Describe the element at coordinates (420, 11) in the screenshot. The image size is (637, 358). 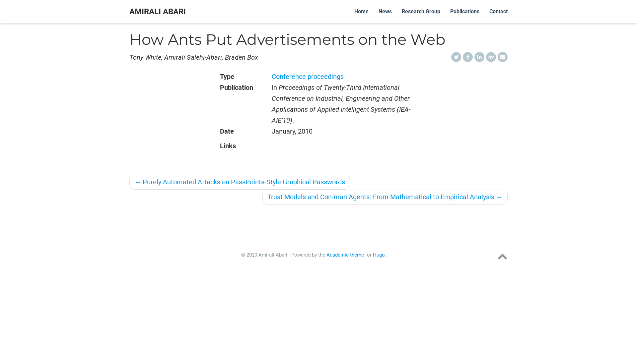
I see `'Research Group'` at that location.